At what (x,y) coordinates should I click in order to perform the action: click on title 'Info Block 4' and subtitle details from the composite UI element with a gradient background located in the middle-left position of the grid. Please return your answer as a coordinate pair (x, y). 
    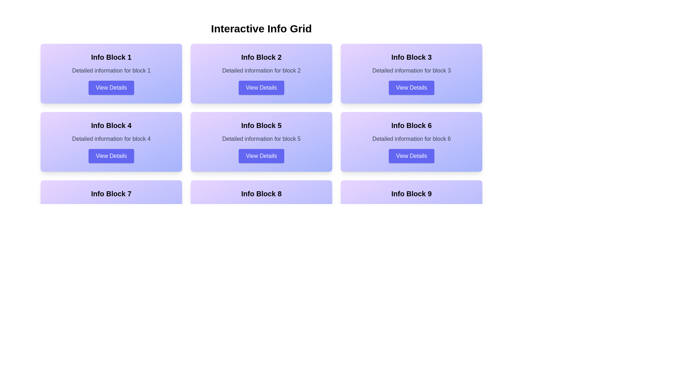
    Looking at the image, I should click on (111, 142).